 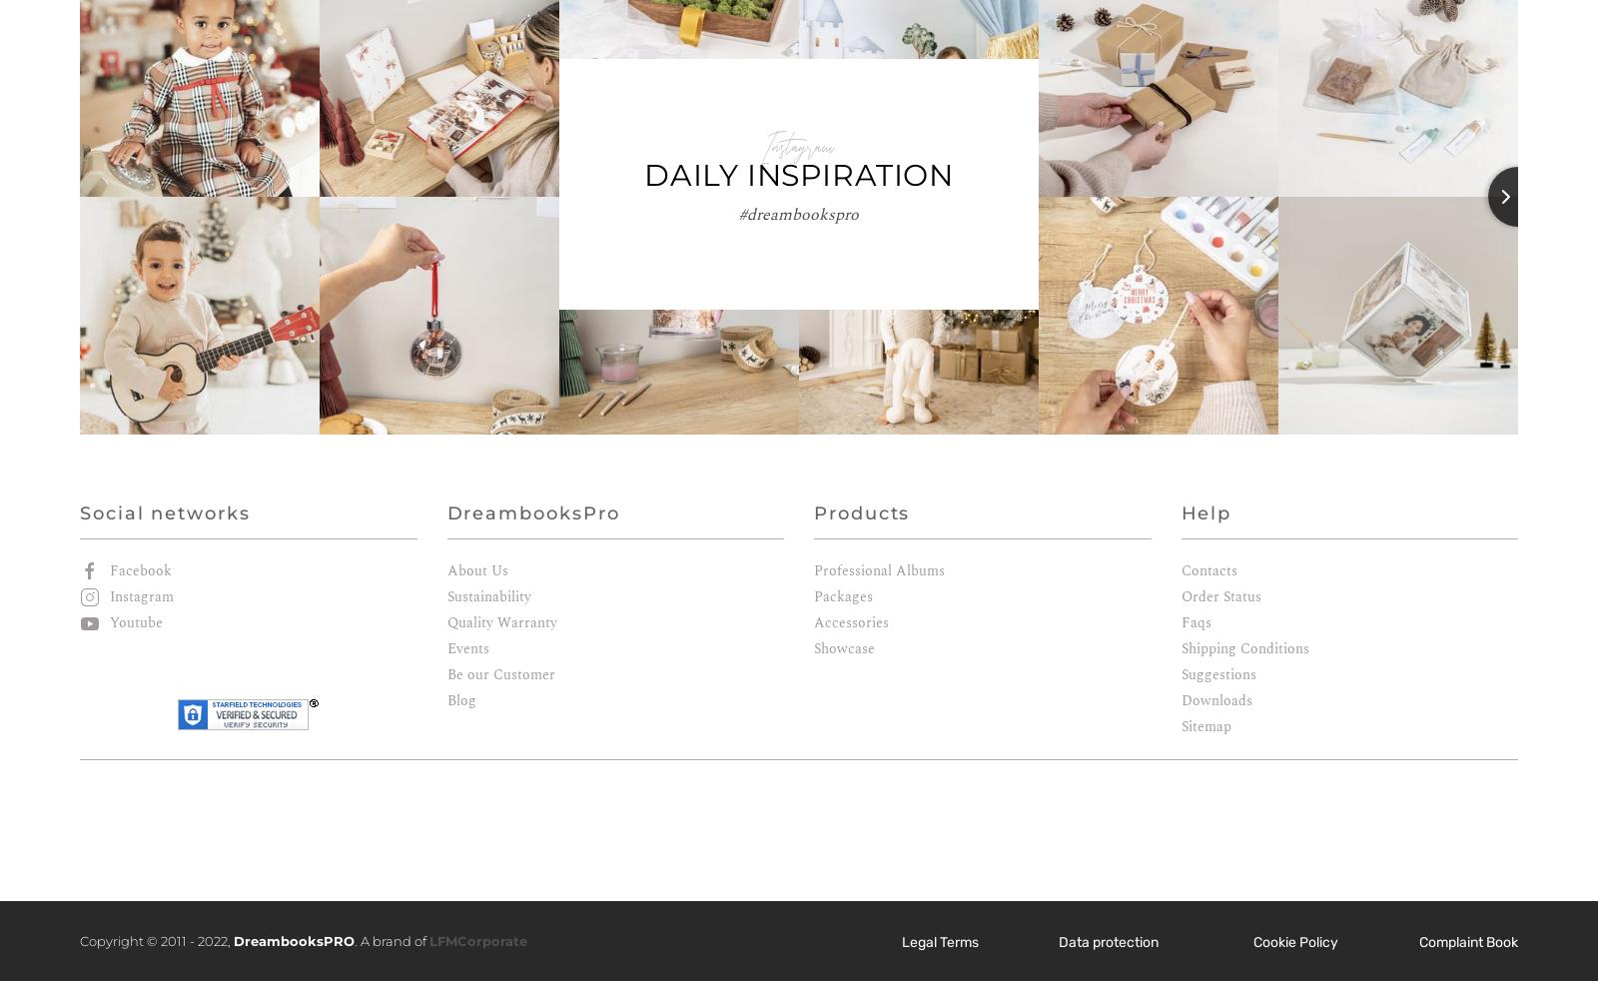 I want to click on 'Legal Terms', so click(x=939, y=941).